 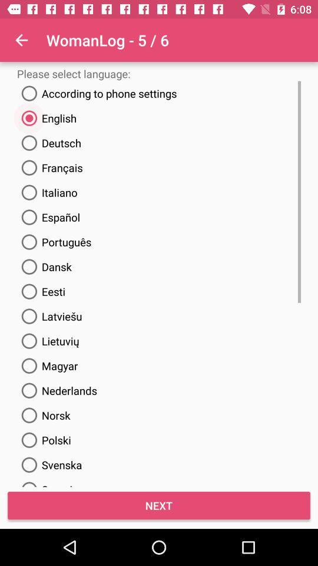 What do you see at coordinates (40, 291) in the screenshot?
I see `on eesti` at bounding box center [40, 291].